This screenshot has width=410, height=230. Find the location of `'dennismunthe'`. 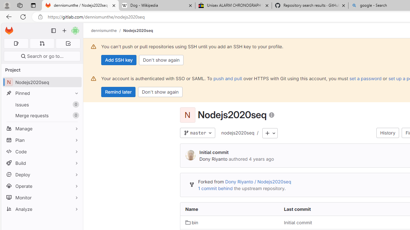

'dennismunthe' is located at coordinates (104, 30).